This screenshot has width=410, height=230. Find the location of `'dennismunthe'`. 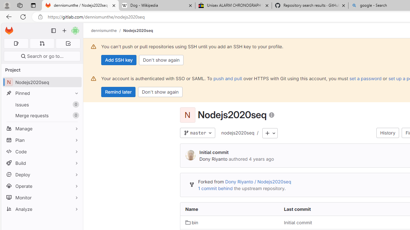

'dennismunthe' is located at coordinates (104, 30).